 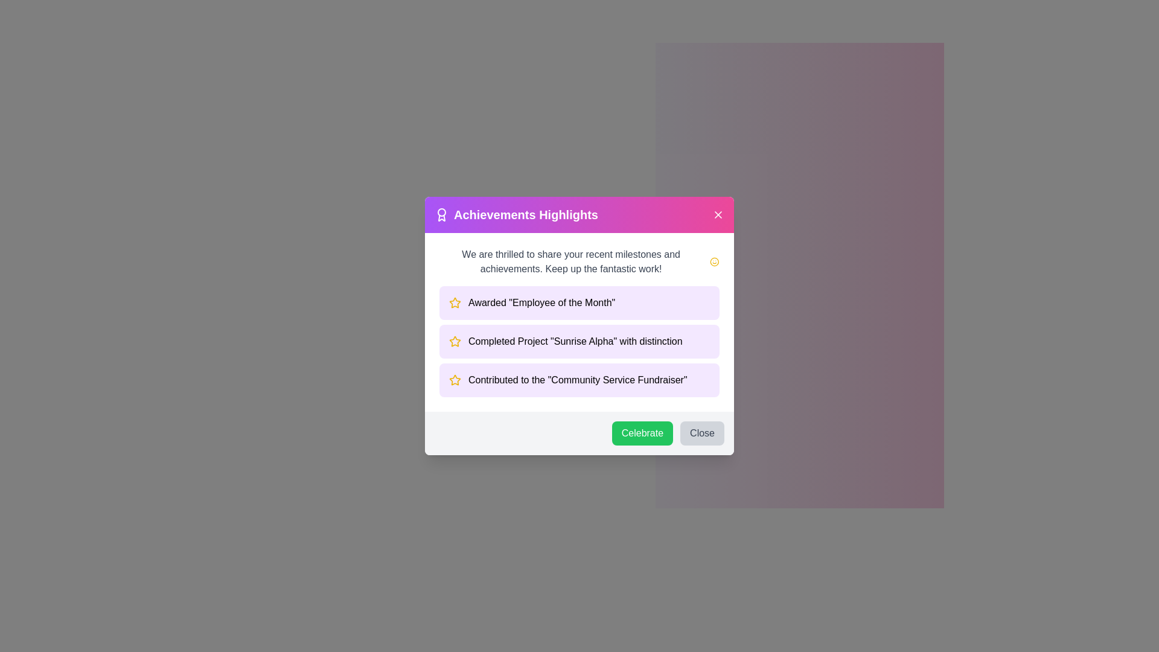 I want to click on the Close Button icon, which features a diagonal cross mark styled with fine lines, located in the top-right corner of the dialog's header, so click(x=718, y=214).